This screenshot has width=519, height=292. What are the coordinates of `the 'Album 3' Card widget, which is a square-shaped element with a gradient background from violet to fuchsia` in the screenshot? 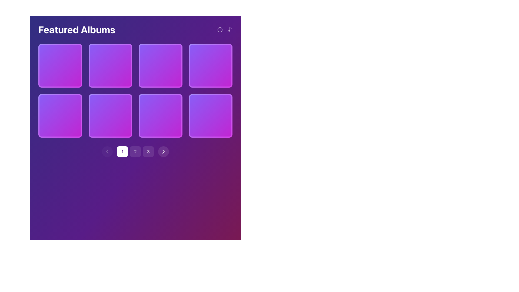 It's located at (160, 65).